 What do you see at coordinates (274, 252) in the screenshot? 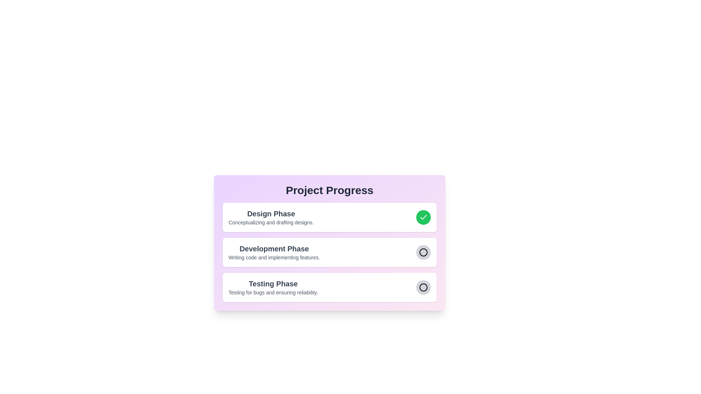
I see `text of the descriptive label for the second section in the project timeline, which is located between 'Design Phase' and 'Testing Phase'` at bounding box center [274, 252].